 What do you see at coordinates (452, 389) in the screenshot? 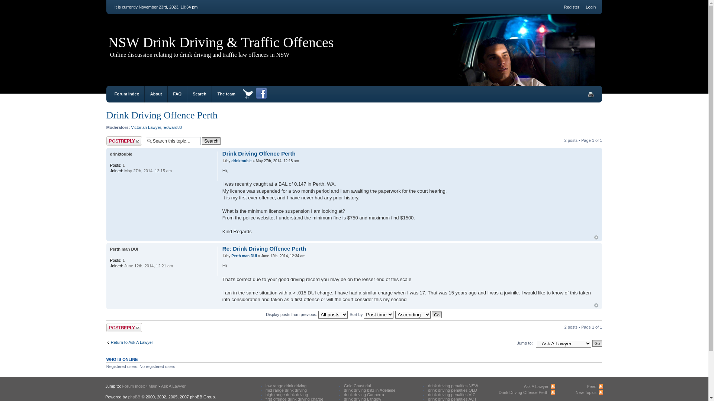
I see `'drink driving penalties QLD'` at bounding box center [452, 389].